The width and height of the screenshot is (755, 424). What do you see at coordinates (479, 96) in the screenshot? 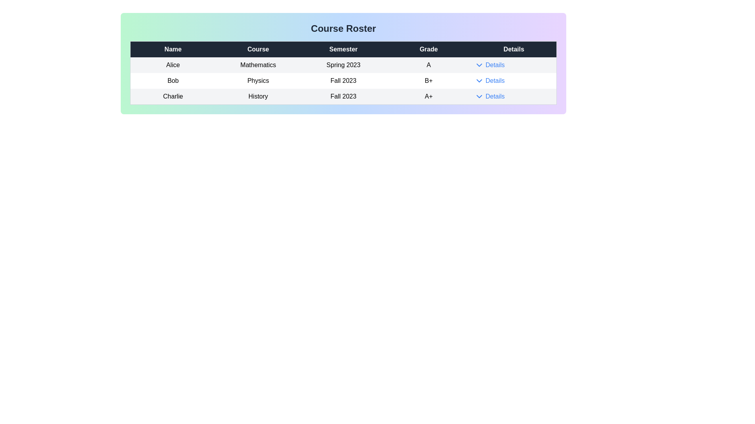
I see `the toggle icon located under the 'Details' column` at bounding box center [479, 96].